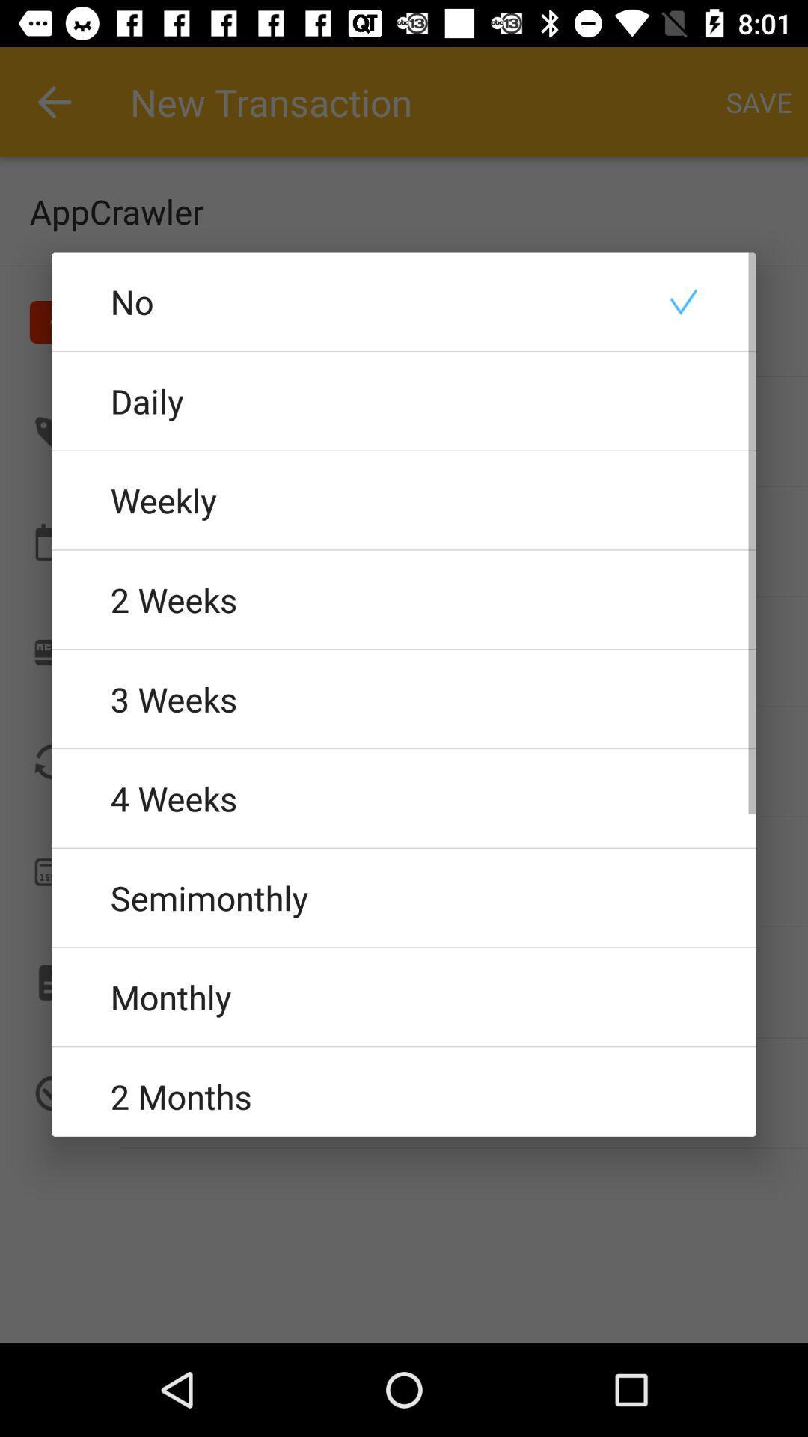 The image size is (808, 1437). Describe the element at coordinates (404, 897) in the screenshot. I see `the semimonthly item` at that location.